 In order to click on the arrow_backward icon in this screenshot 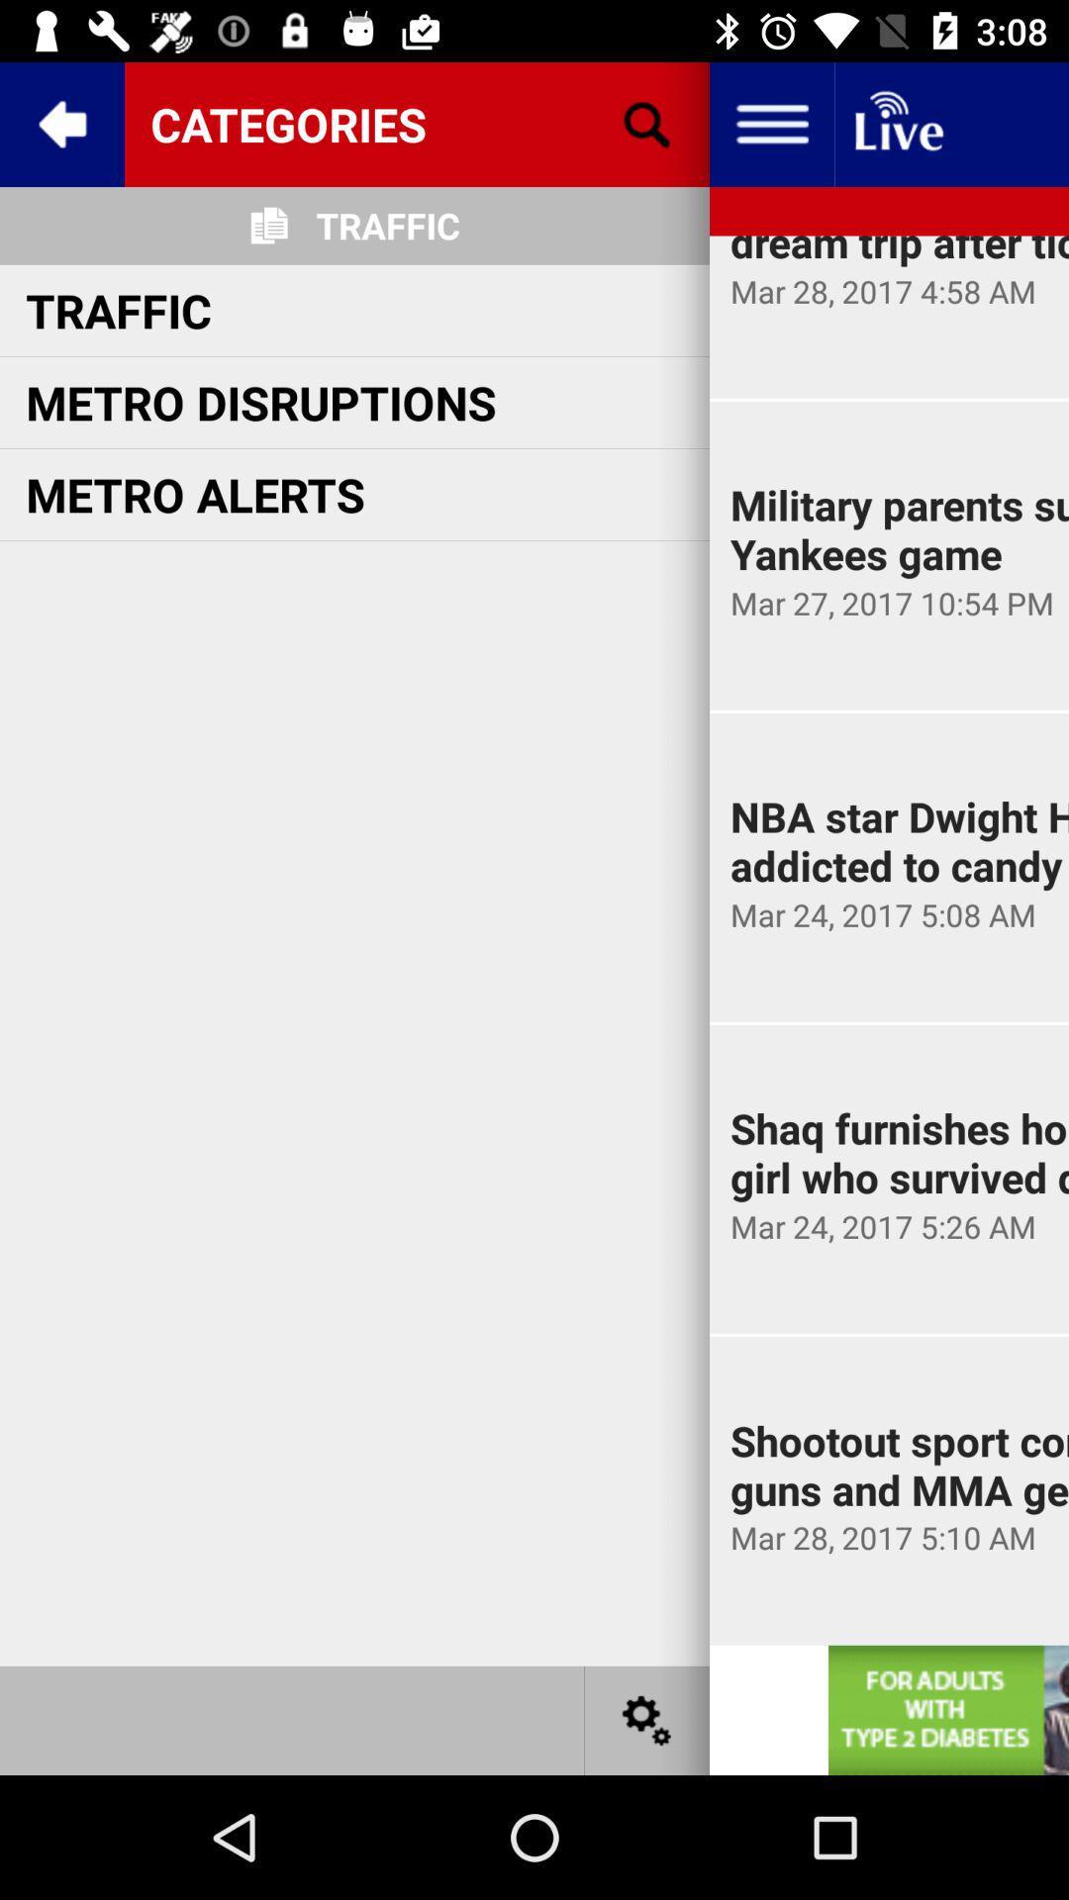, I will do `click(60, 123)`.